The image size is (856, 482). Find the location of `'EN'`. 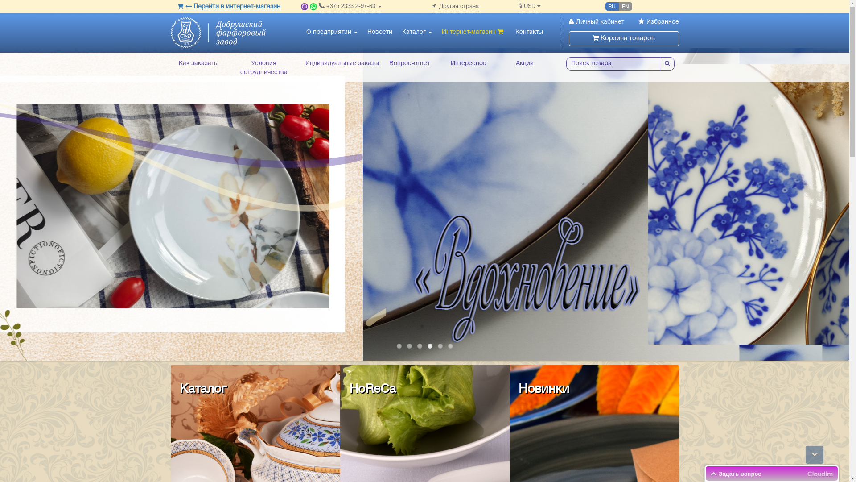

'EN' is located at coordinates (625, 6).